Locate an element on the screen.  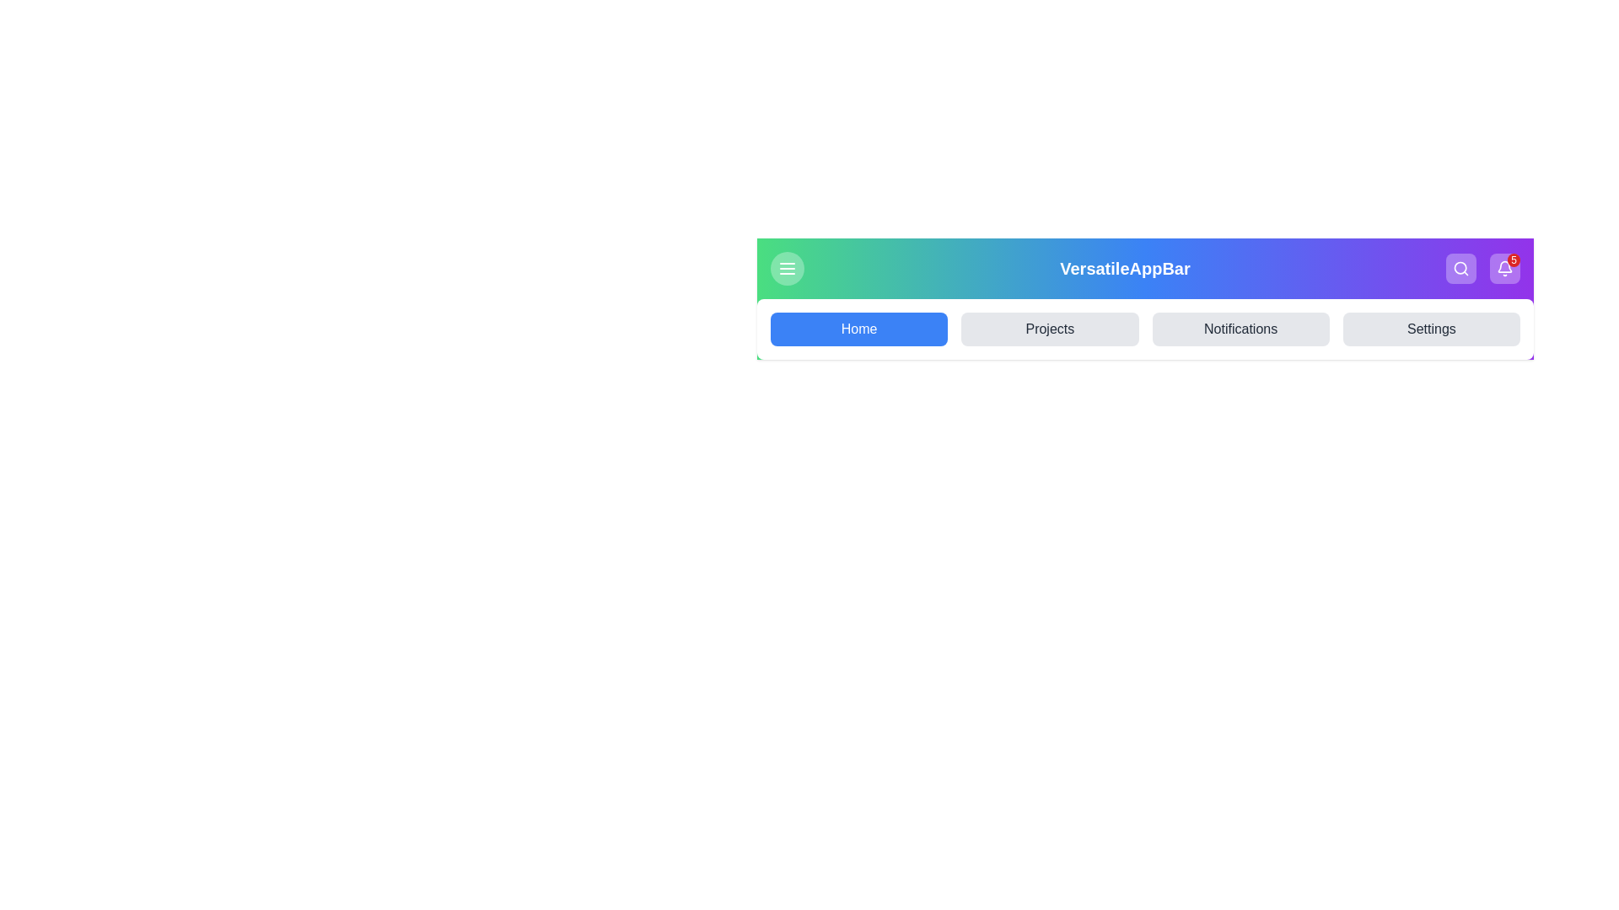
the search button to initiate a search action is located at coordinates (1460, 268).